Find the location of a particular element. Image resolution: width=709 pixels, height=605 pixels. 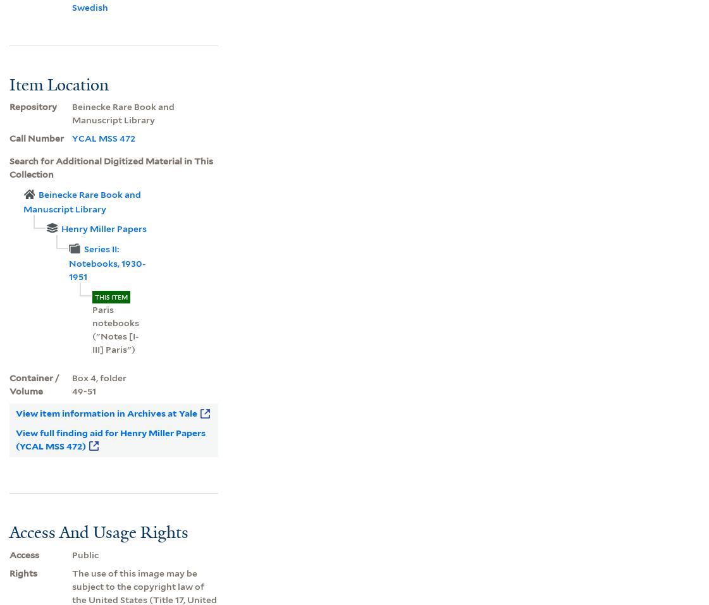

'YCAL MSS 472' is located at coordinates (103, 137).